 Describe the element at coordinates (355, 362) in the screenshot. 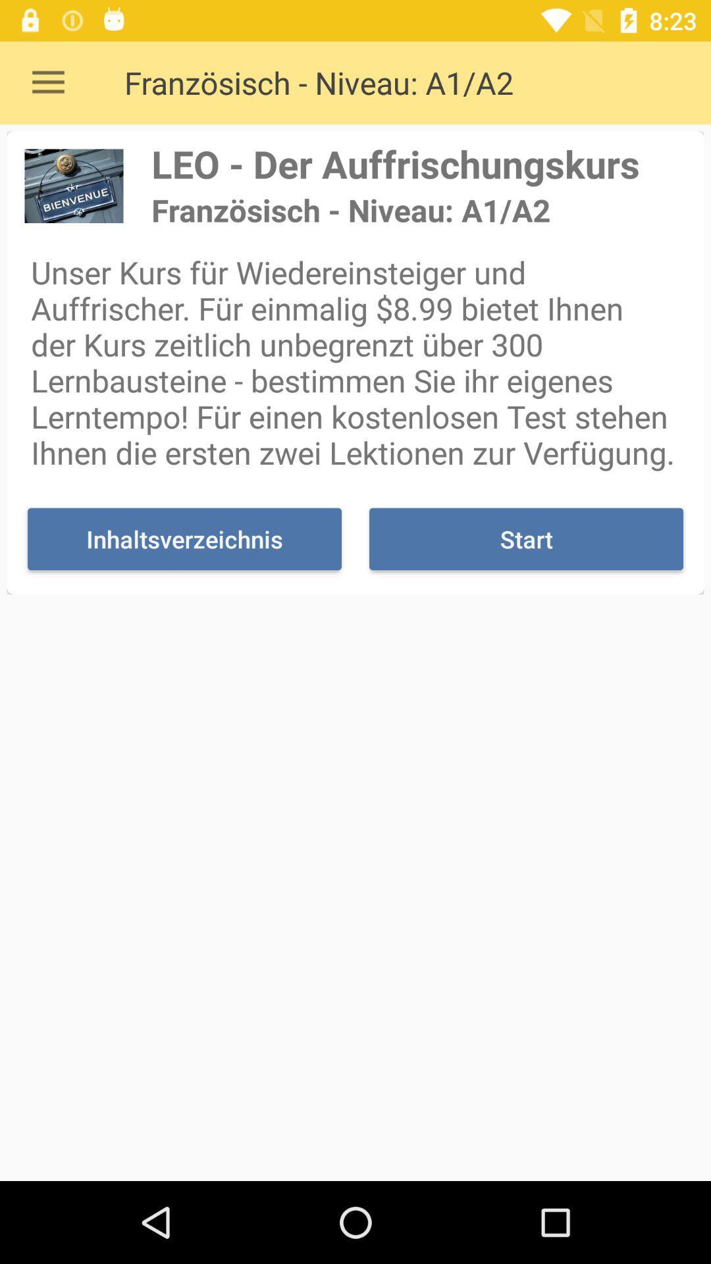

I see `item above the inhaltsverzeichnis` at that location.